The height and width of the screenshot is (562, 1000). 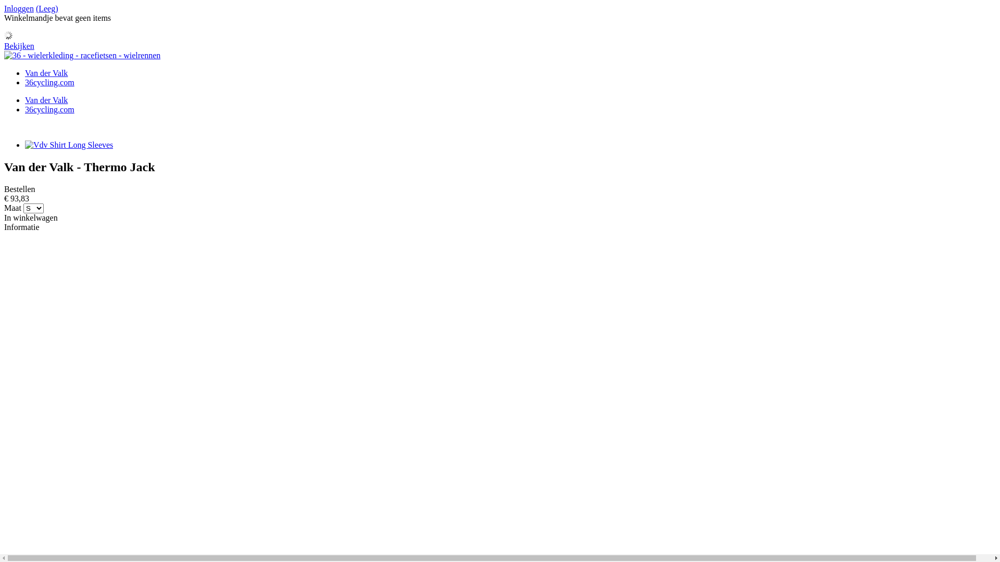 What do you see at coordinates (25, 145) in the screenshot?
I see `'Vdv Shirt Long Sleeves'` at bounding box center [25, 145].